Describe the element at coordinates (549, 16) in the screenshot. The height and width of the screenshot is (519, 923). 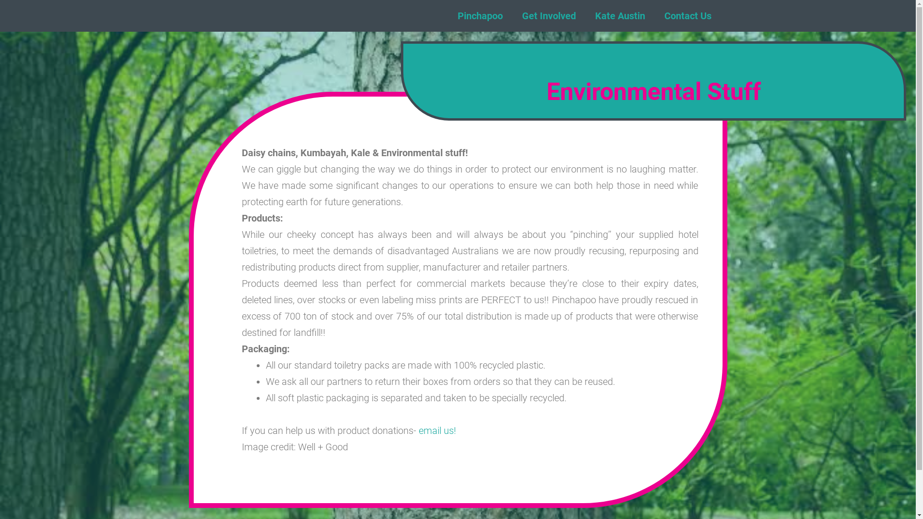
I see `'Get Involved'` at that location.